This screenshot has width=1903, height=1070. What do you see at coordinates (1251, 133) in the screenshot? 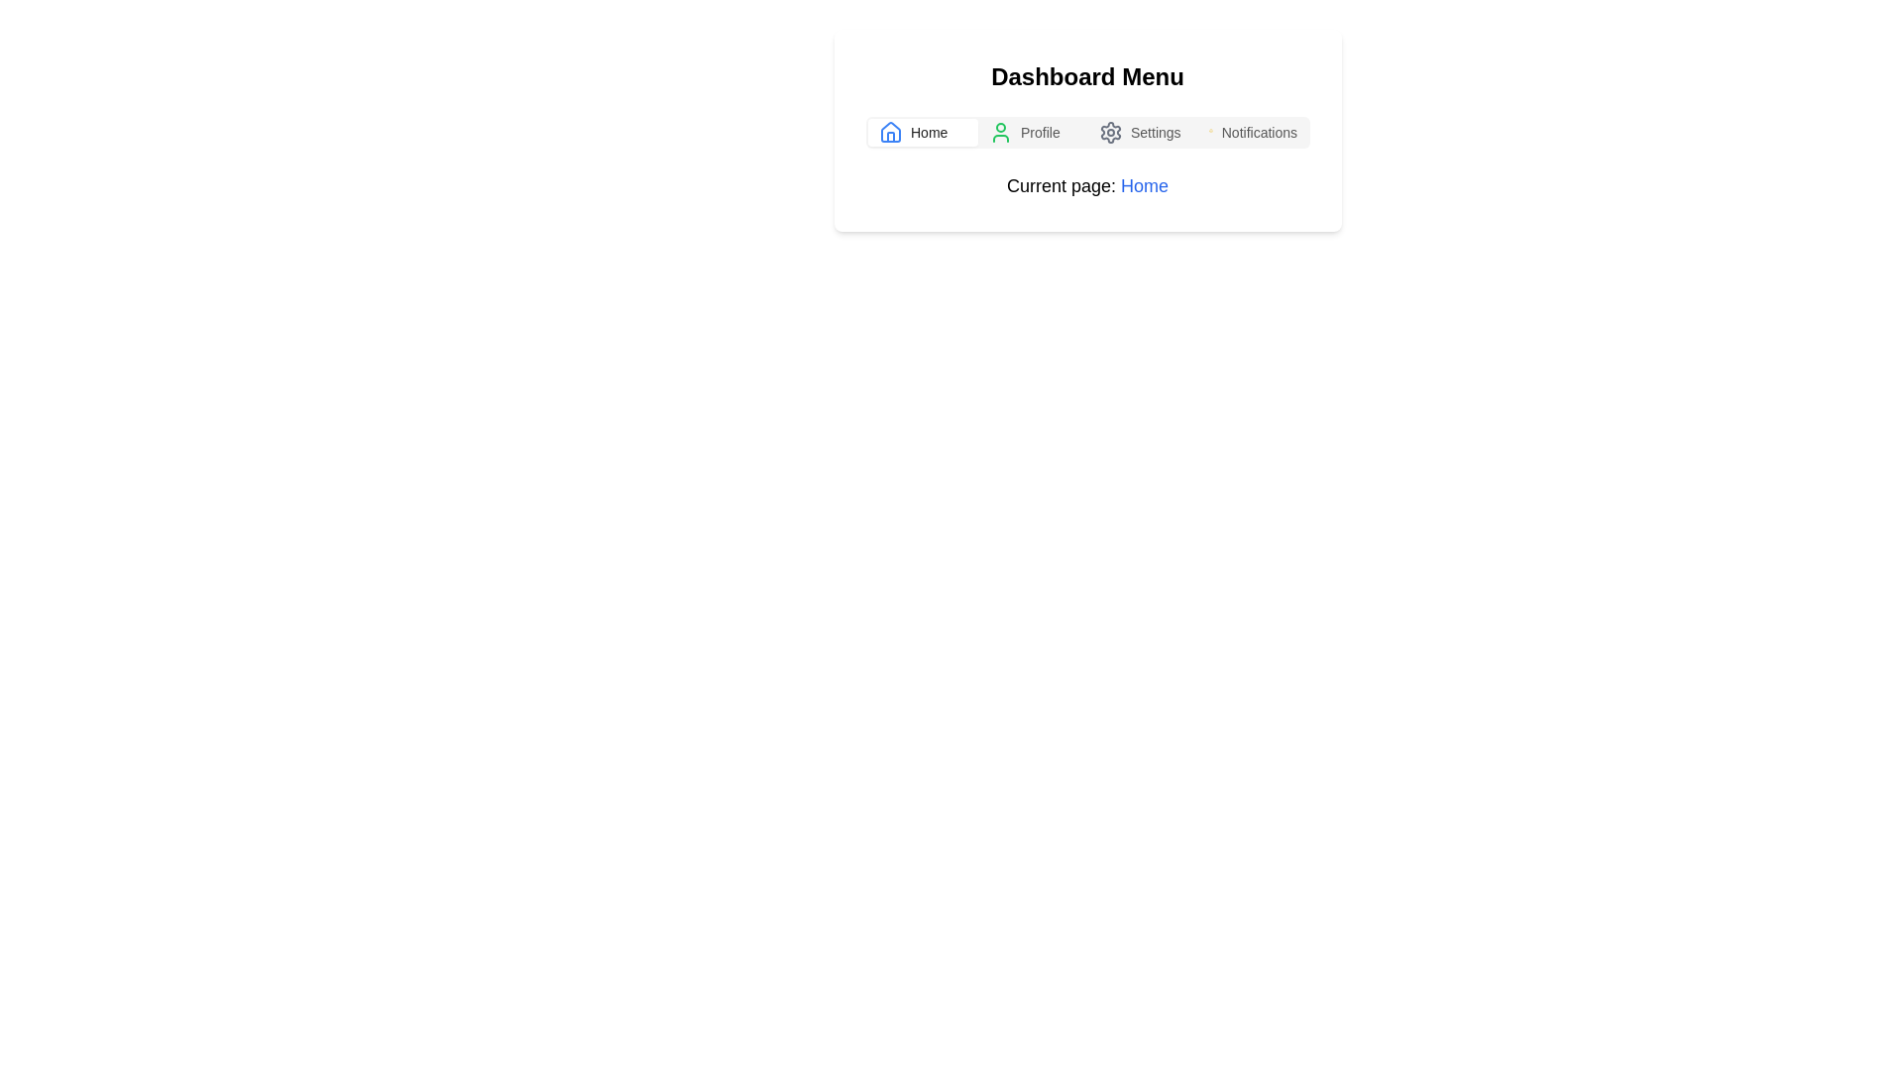
I see `the 'Notifications' tab, which is the fourth tab from the left in the horizontal navigation bar` at bounding box center [1251, 133].